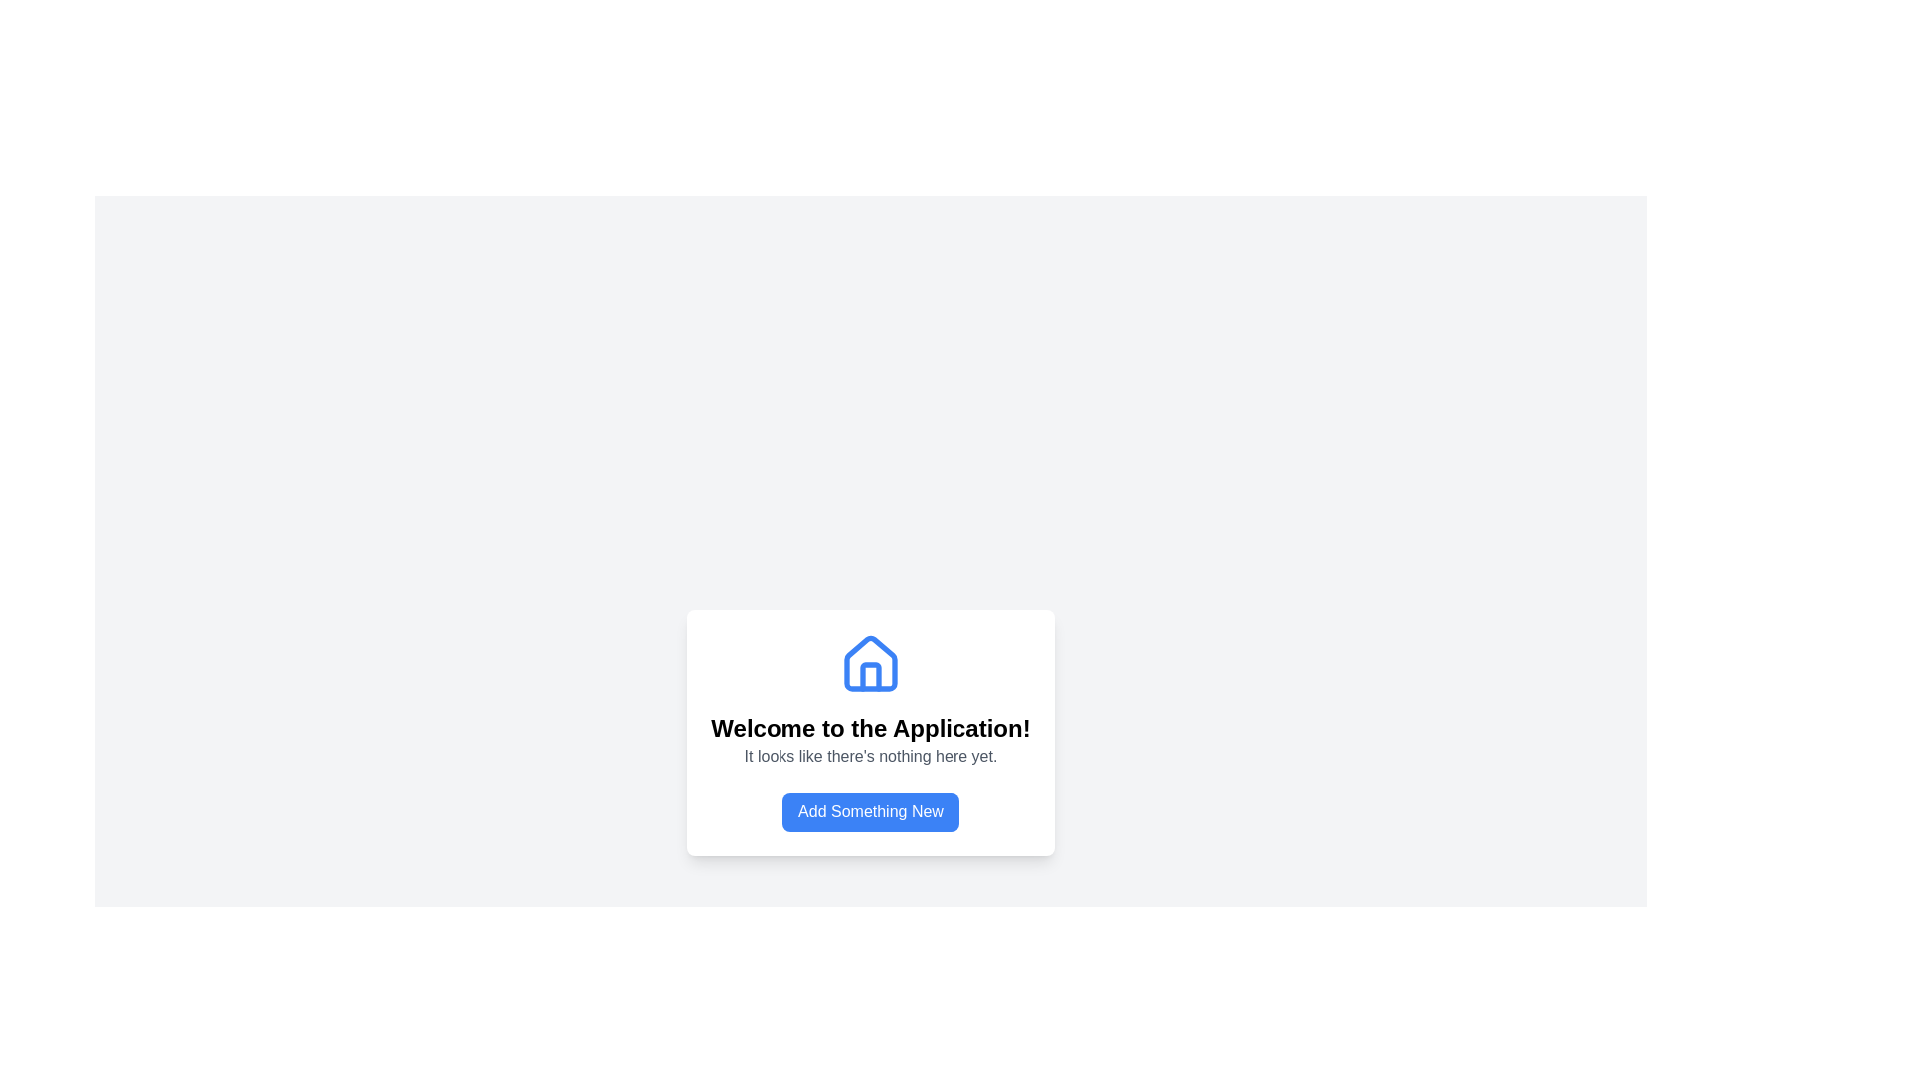 This screenshot has width=1909, height=1074. I want to click on the button with a blue background and white text reading 'Add Something New', so click(870, 812).